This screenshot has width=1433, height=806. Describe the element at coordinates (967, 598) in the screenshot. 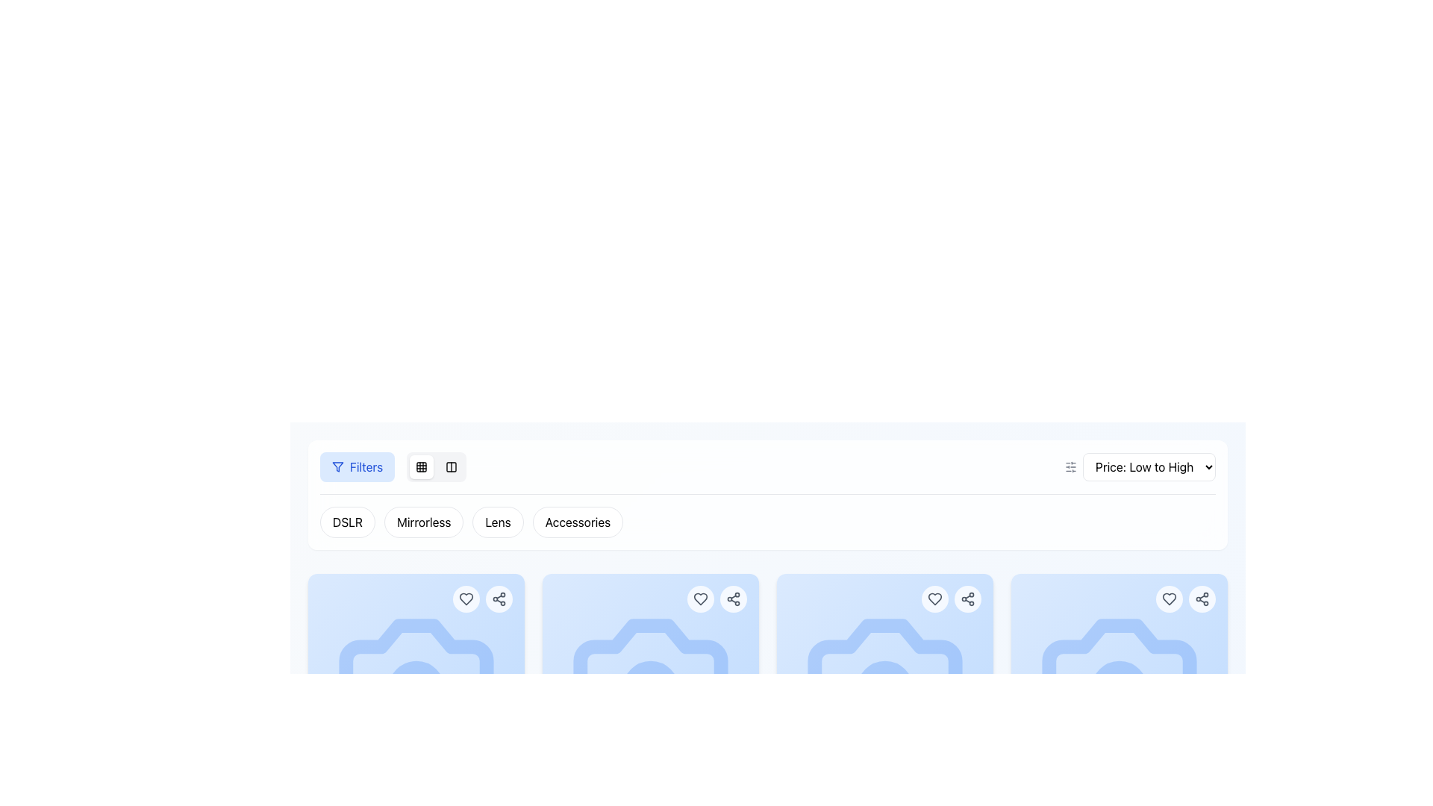

I see `the share icon located in the upper right corner of the card section` at that location.